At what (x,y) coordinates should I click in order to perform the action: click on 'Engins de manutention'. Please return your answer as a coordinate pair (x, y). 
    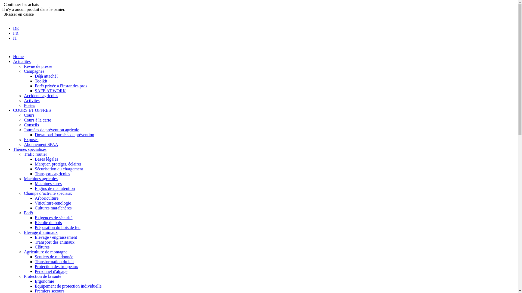
    Looking at the image, I should click on (55, 188).